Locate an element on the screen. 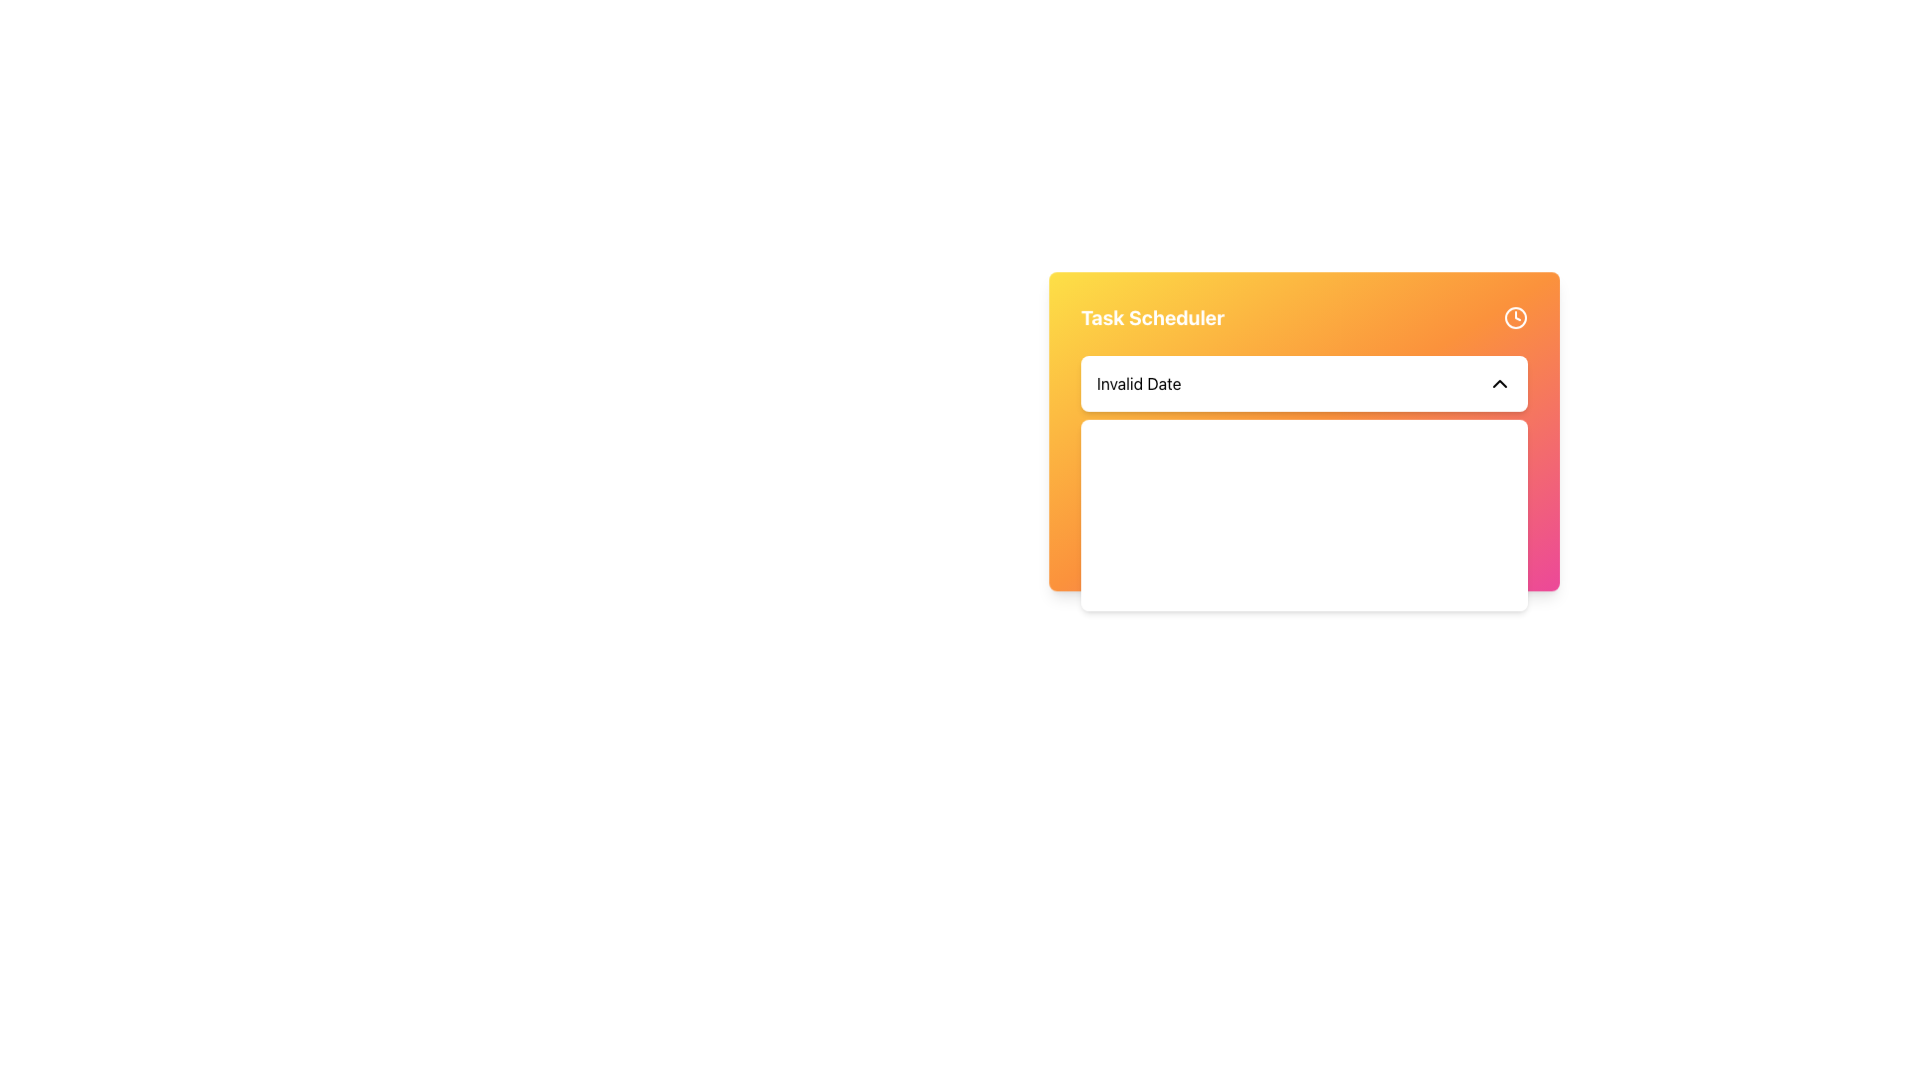 Image resolution: width=1915 pixels, height=1077 pixels. the white dropdown menu below the 'Task Scheduler' title is located at coordinates (1305, 384).